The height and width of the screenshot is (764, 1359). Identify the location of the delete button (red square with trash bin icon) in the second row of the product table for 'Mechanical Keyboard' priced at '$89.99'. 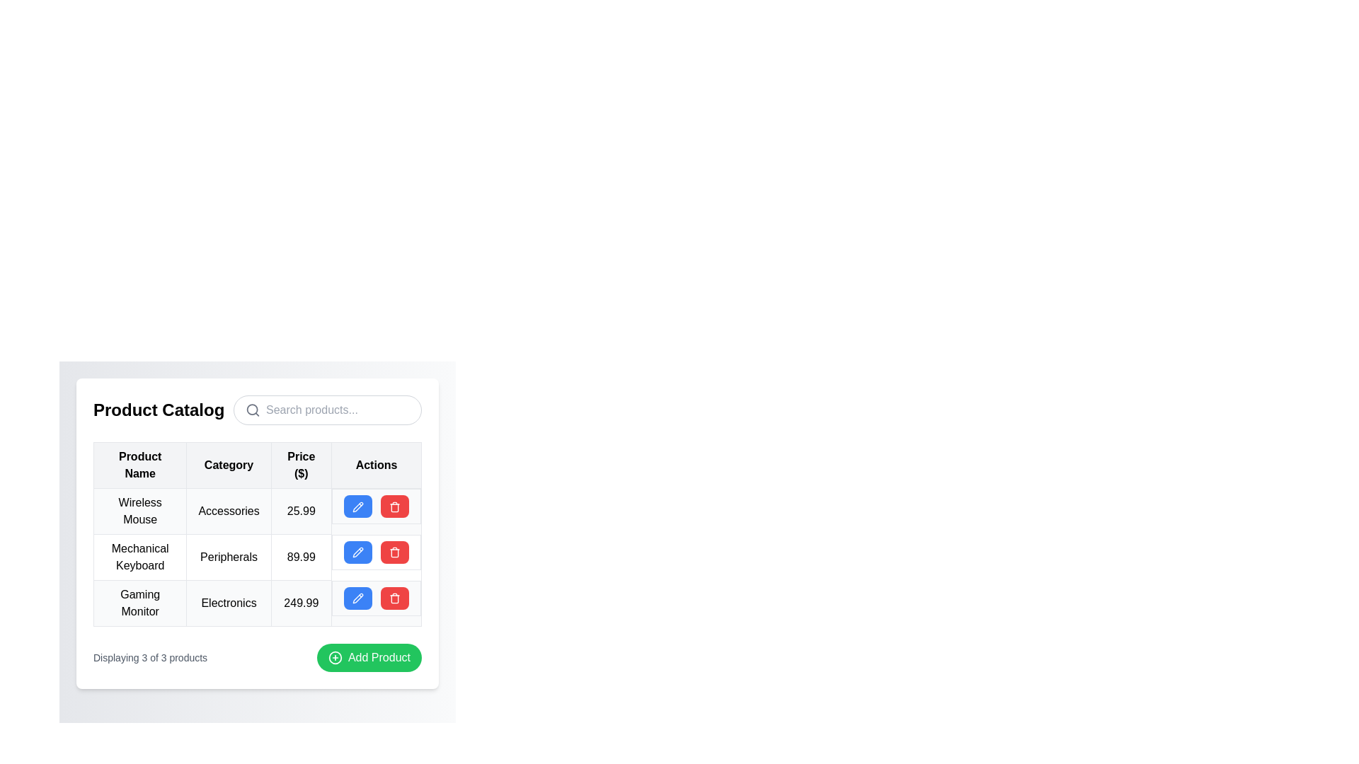
(258, 556).